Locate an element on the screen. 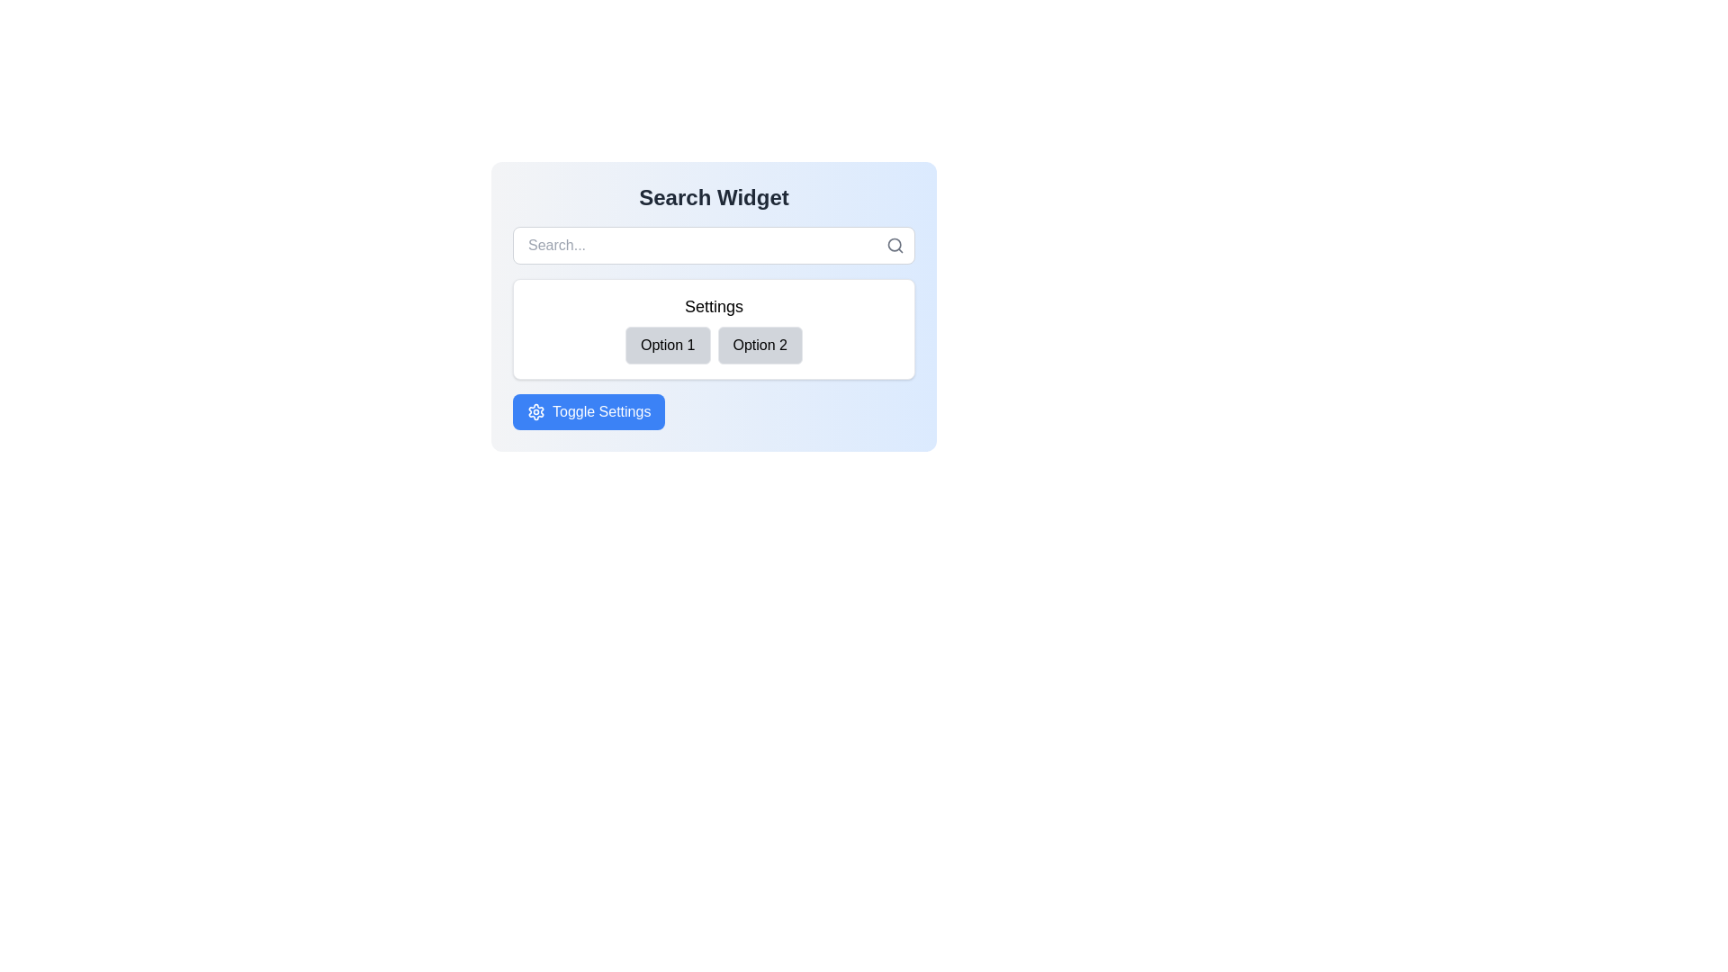  the gray magnifying glass icon, which is positioned to the right of the text input box, aligned vertically to its center is located at coordinates (895, 246).